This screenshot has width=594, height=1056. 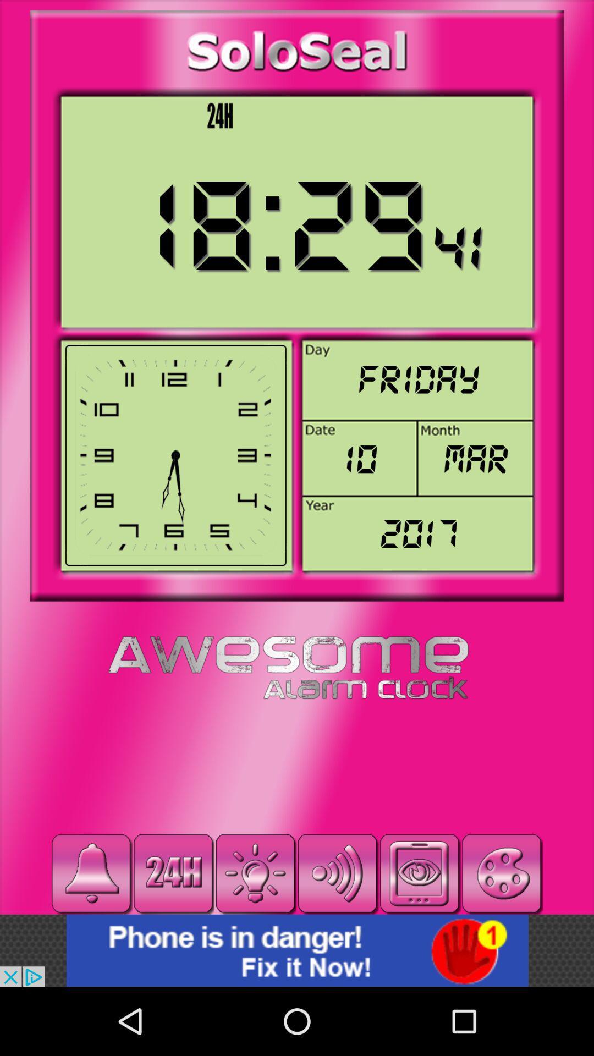 I want to click on set alarm, so click(x=91, y=873).